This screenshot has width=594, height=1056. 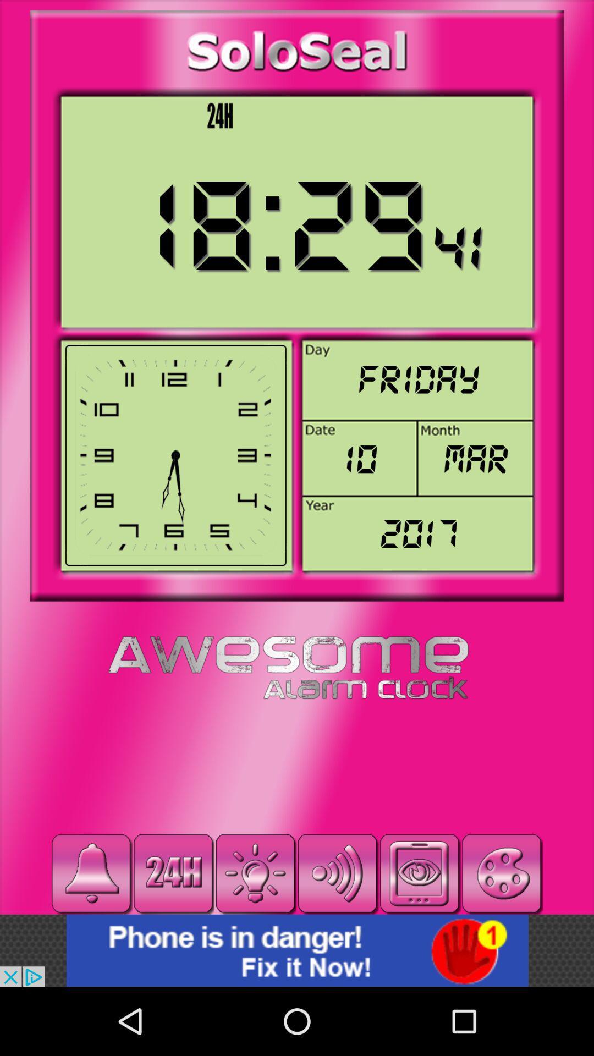 I want to click on set alarm, so click(x=91, y=873).